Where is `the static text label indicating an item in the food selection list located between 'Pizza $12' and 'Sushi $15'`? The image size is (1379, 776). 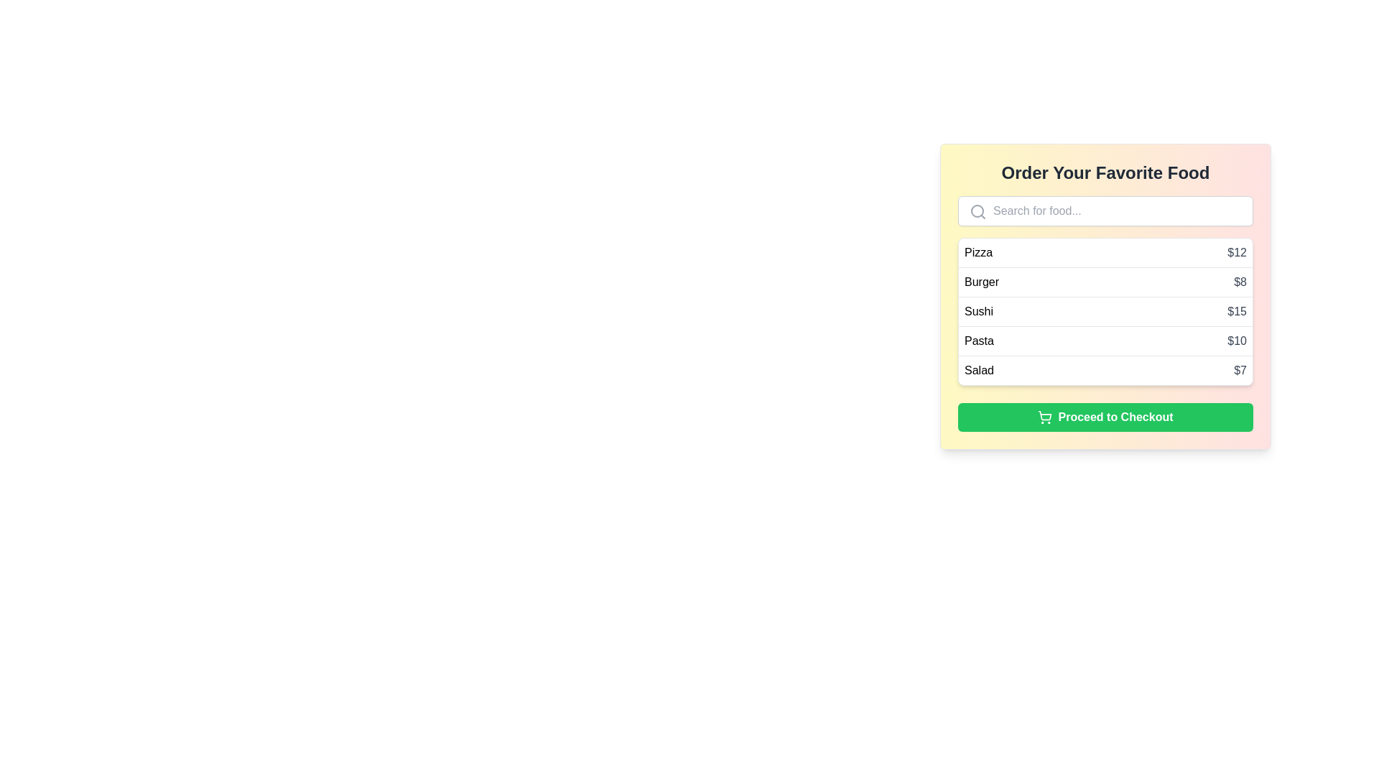 the static text label indicating an item in the food selection list located between 'Pizza $12' and 'Sushi $15' is located at coordinates (981, 282).